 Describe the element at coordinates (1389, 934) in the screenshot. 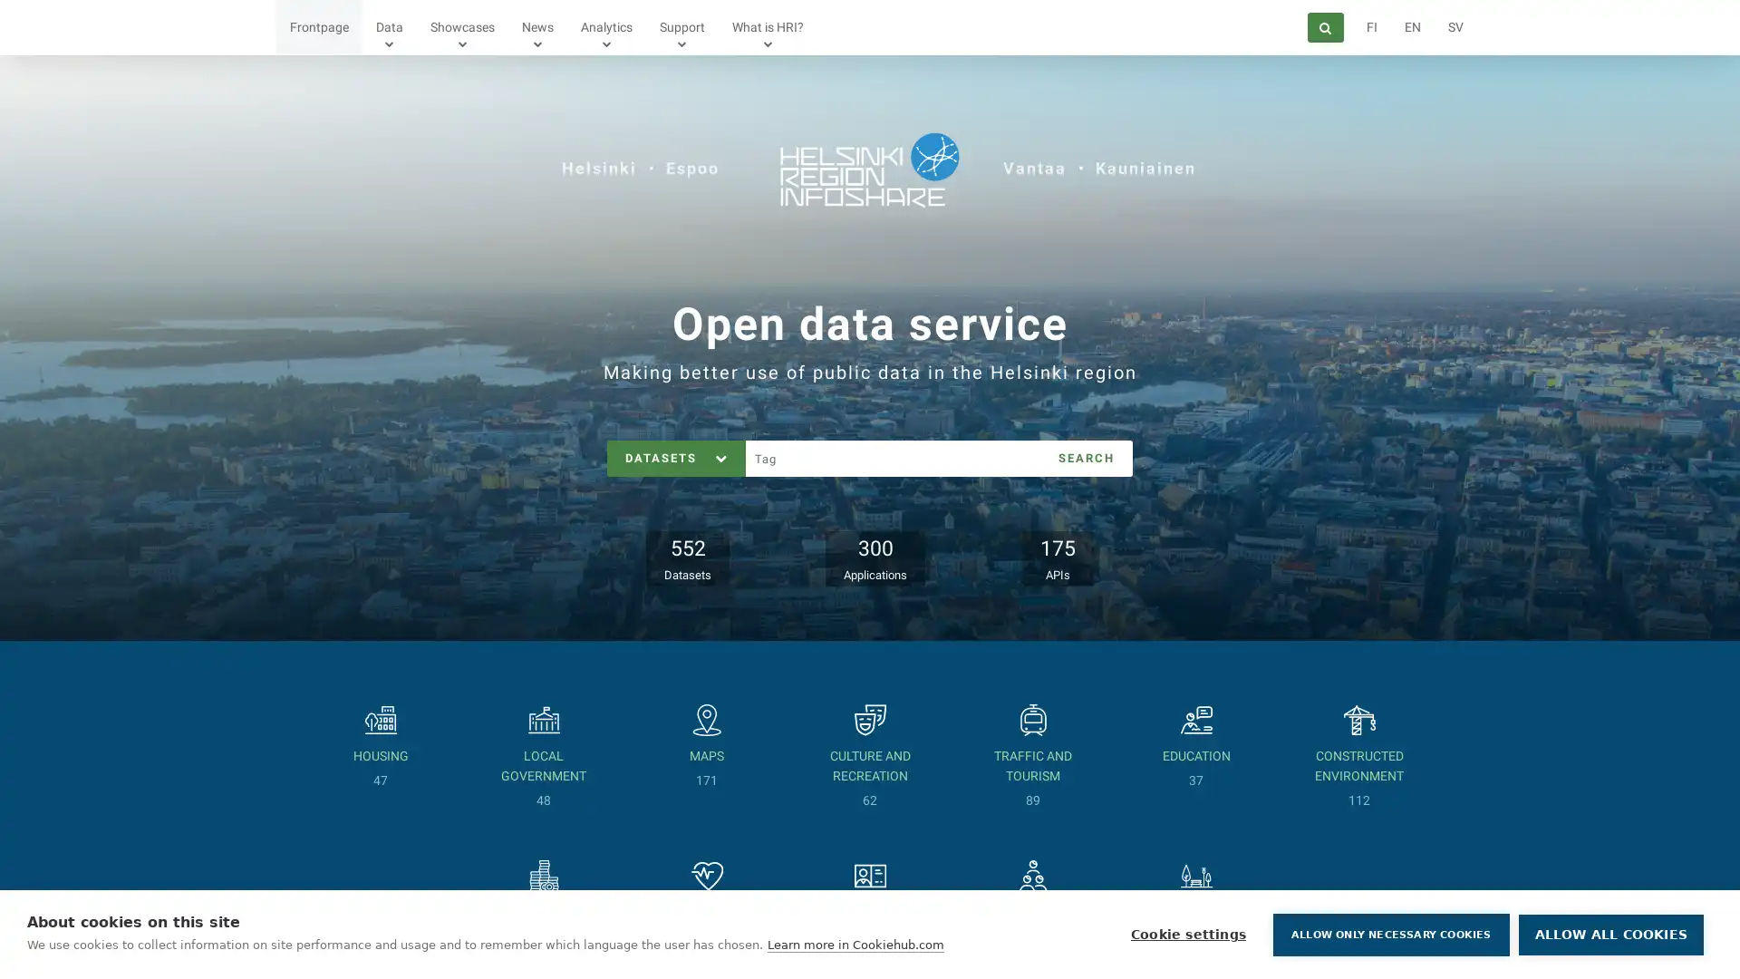

I see `ALLOW ONLY NECESSARY COOKIES` at that location.